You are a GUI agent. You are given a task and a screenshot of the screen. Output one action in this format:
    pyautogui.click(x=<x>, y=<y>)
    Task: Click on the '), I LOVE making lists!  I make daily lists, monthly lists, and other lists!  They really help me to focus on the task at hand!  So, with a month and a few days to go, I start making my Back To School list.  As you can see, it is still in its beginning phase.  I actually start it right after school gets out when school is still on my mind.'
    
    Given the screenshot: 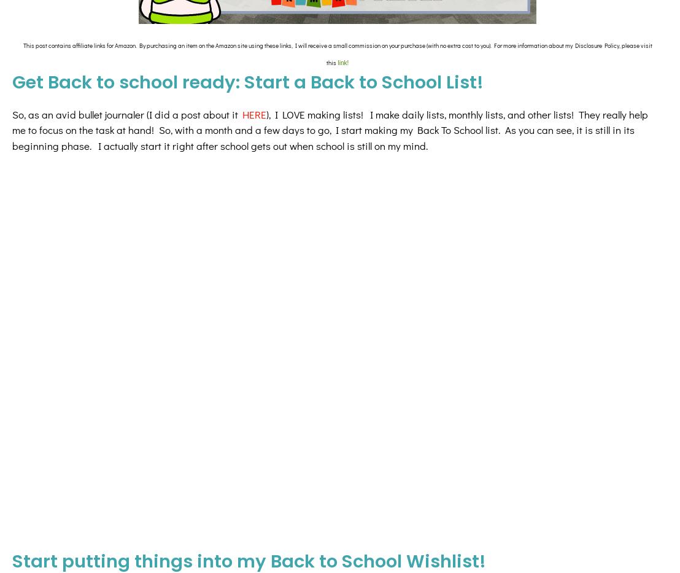 What is the action you would take?
    pyautogui.click(x=330, y=129)
    